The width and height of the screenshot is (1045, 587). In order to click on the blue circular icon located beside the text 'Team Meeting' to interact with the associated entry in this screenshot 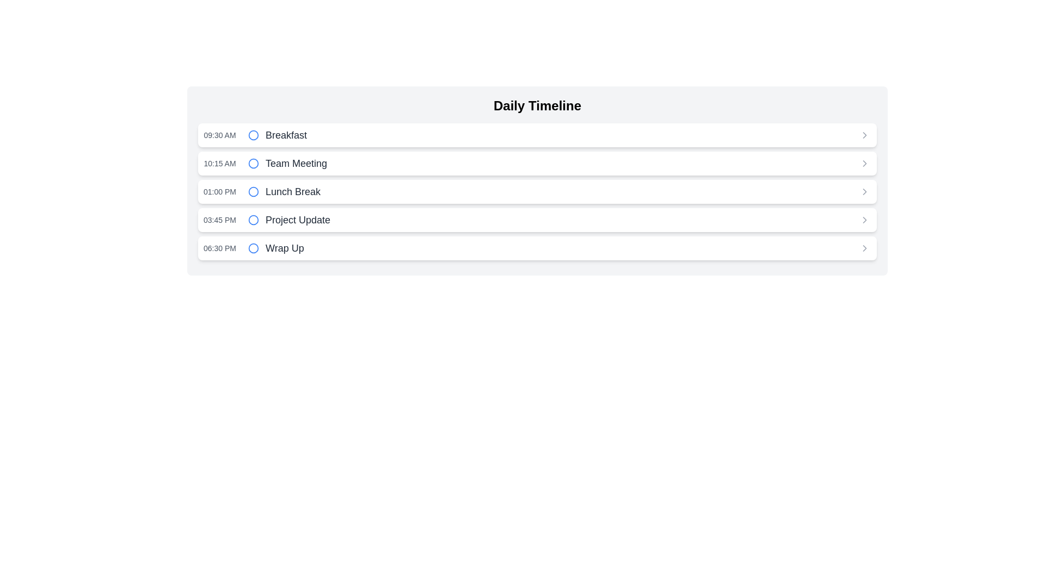, I will do `click(253, 163)`.